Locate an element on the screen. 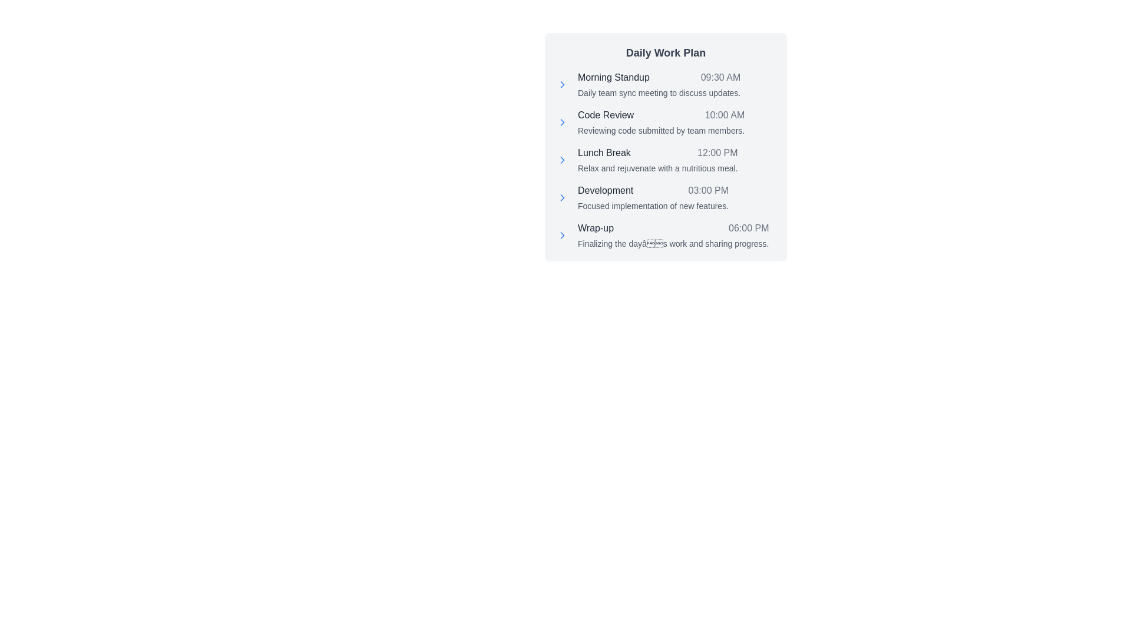 This screenshot has width=1131, height=636. the third item in the 'Daily Work Plan' section, labeled 'Lunch Break', which is centrally positioned between 'Code Review' and 'Development' is located at coordinates (666, 160).